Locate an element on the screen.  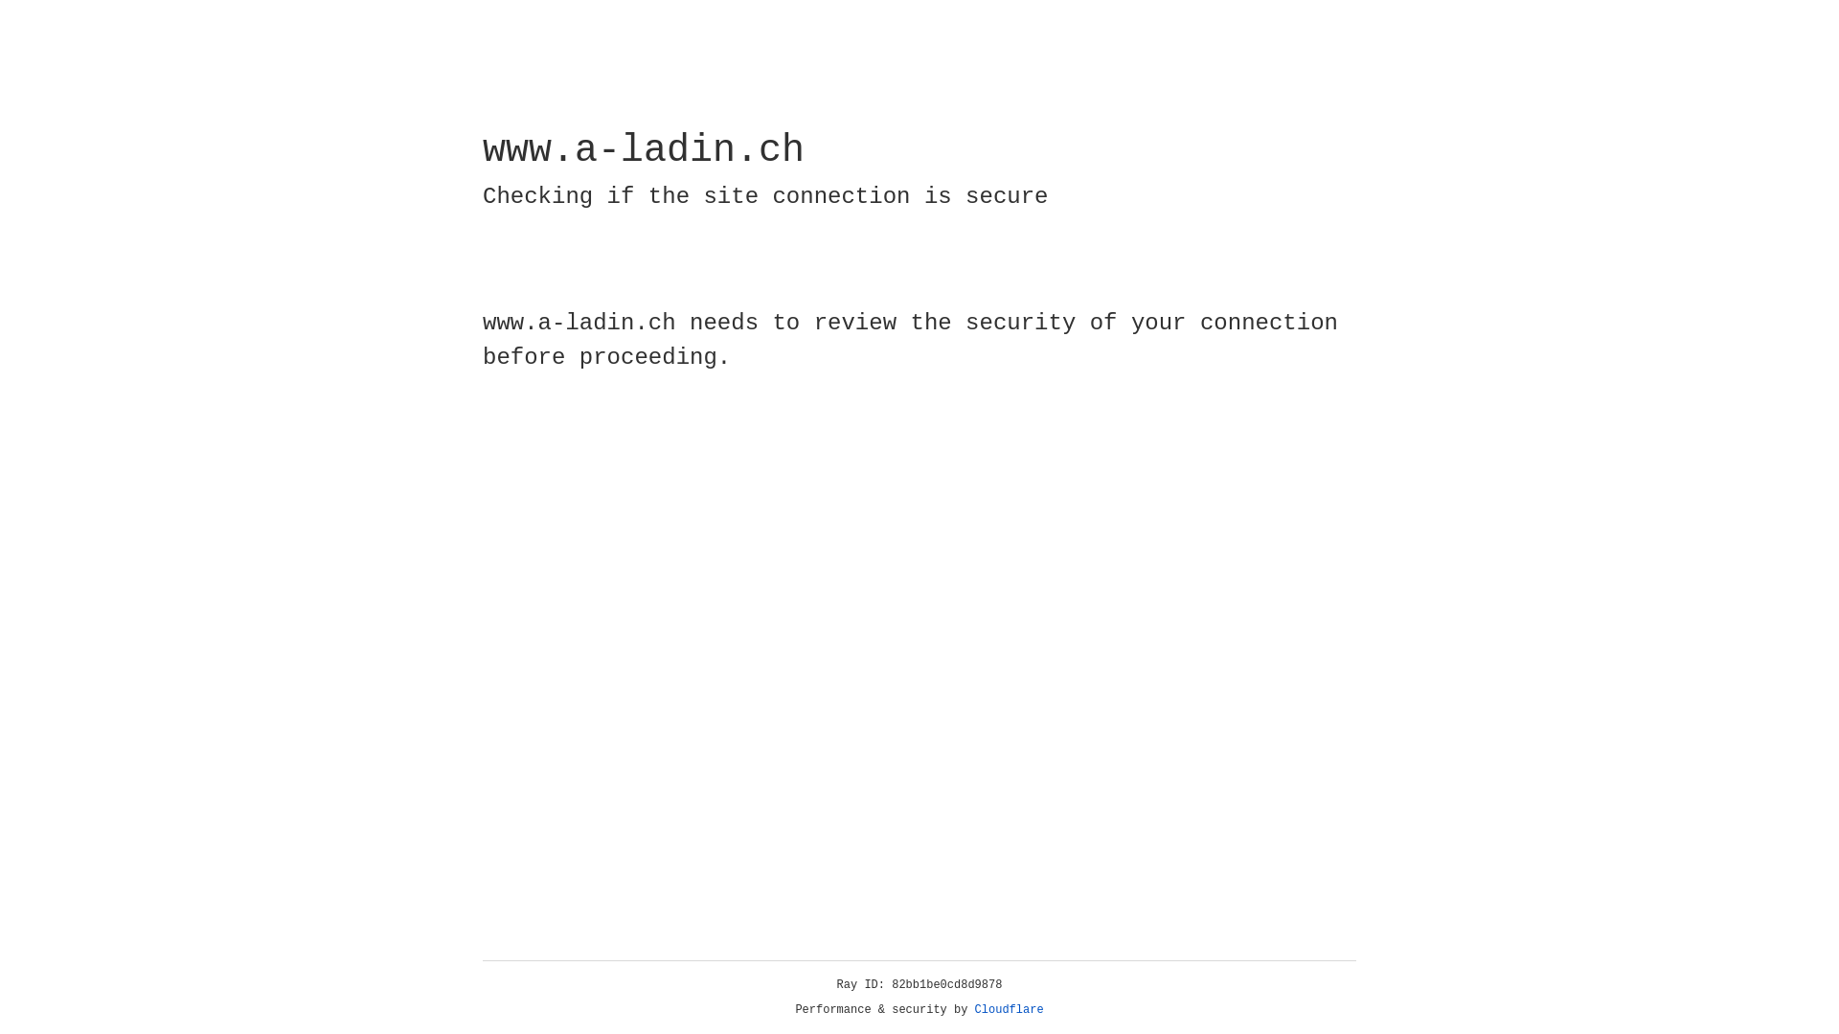
'Cloudflare' is located at coordinates (1009, 1009).